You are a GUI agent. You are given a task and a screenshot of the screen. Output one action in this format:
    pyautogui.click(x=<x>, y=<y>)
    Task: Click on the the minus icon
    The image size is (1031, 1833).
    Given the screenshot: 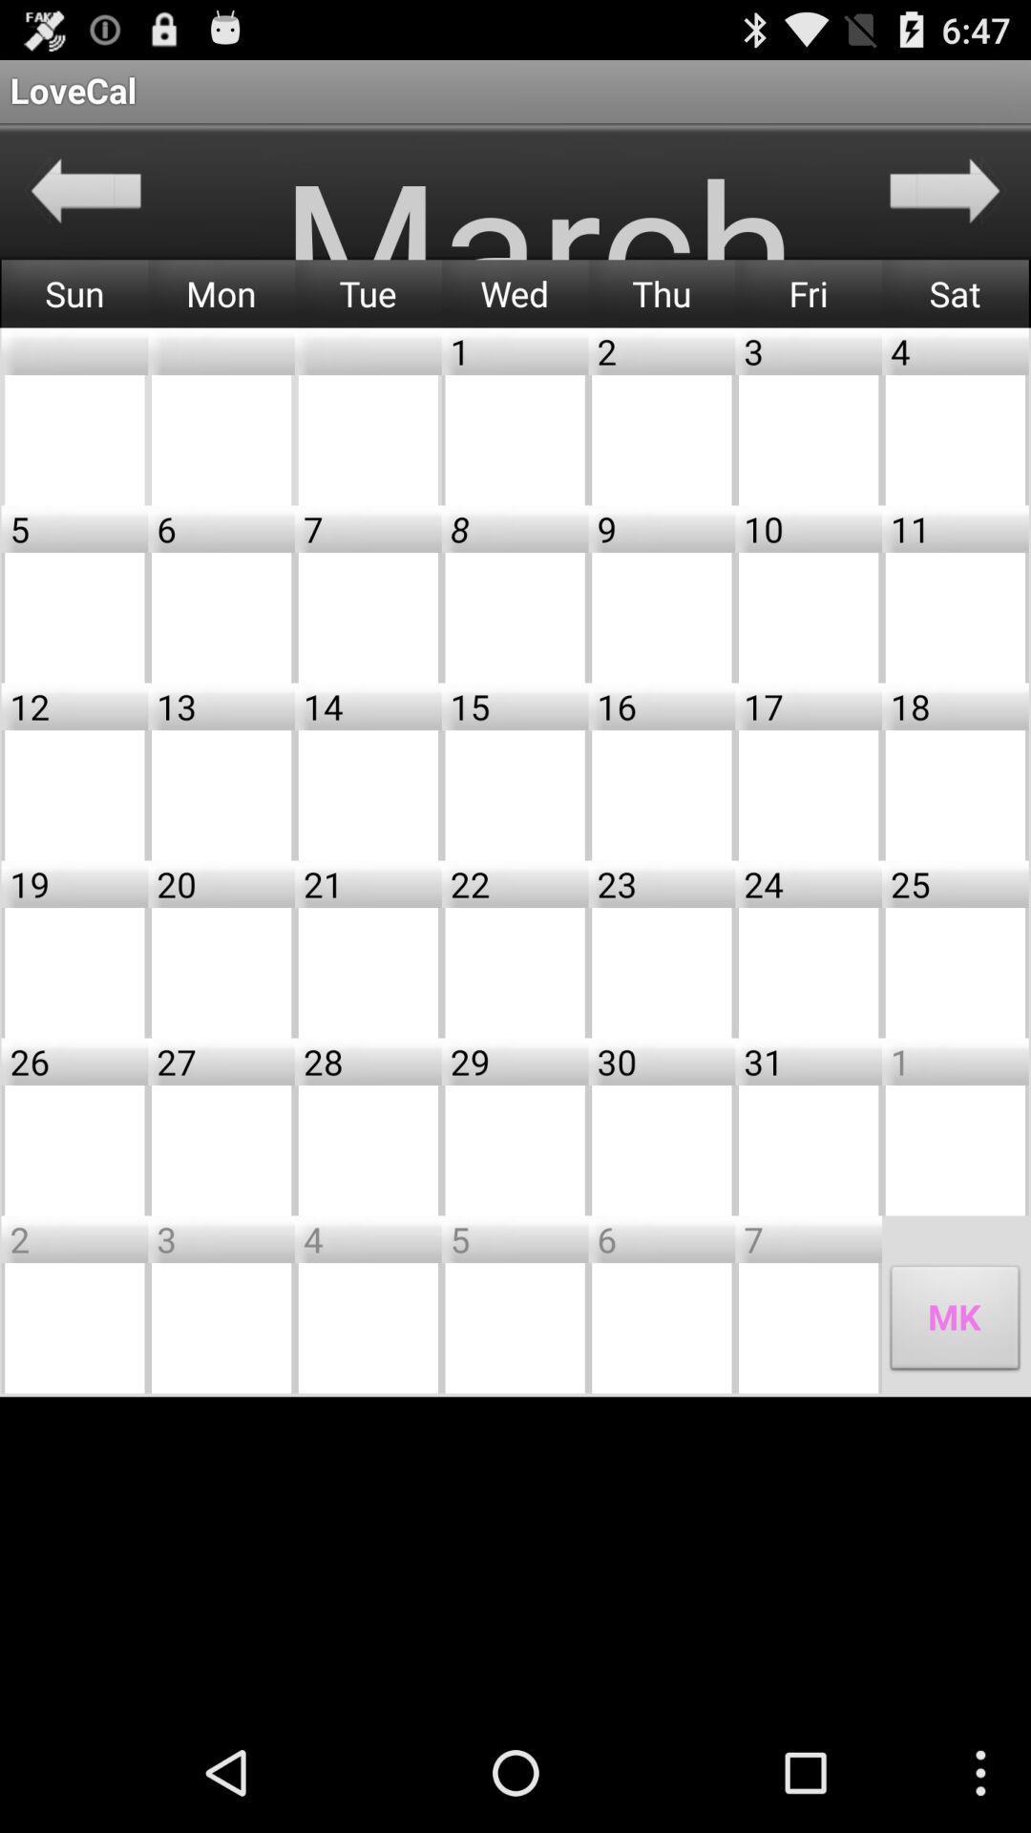 What is the action you would take?
    pyautogui.click(x=74, y=1040)
    